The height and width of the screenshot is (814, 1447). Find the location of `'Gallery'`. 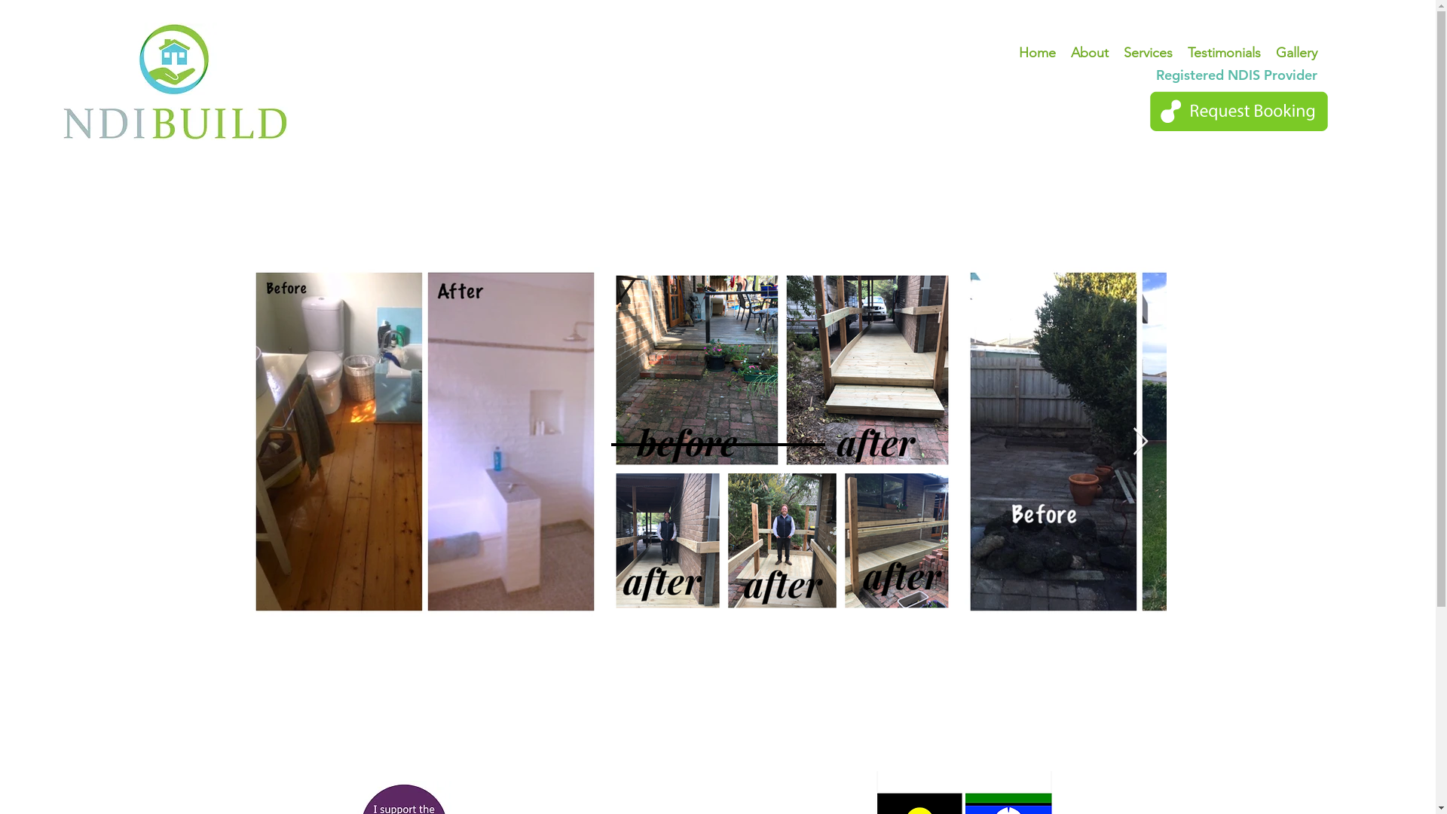

'Gallery' is located at coordinates (1296, 51).